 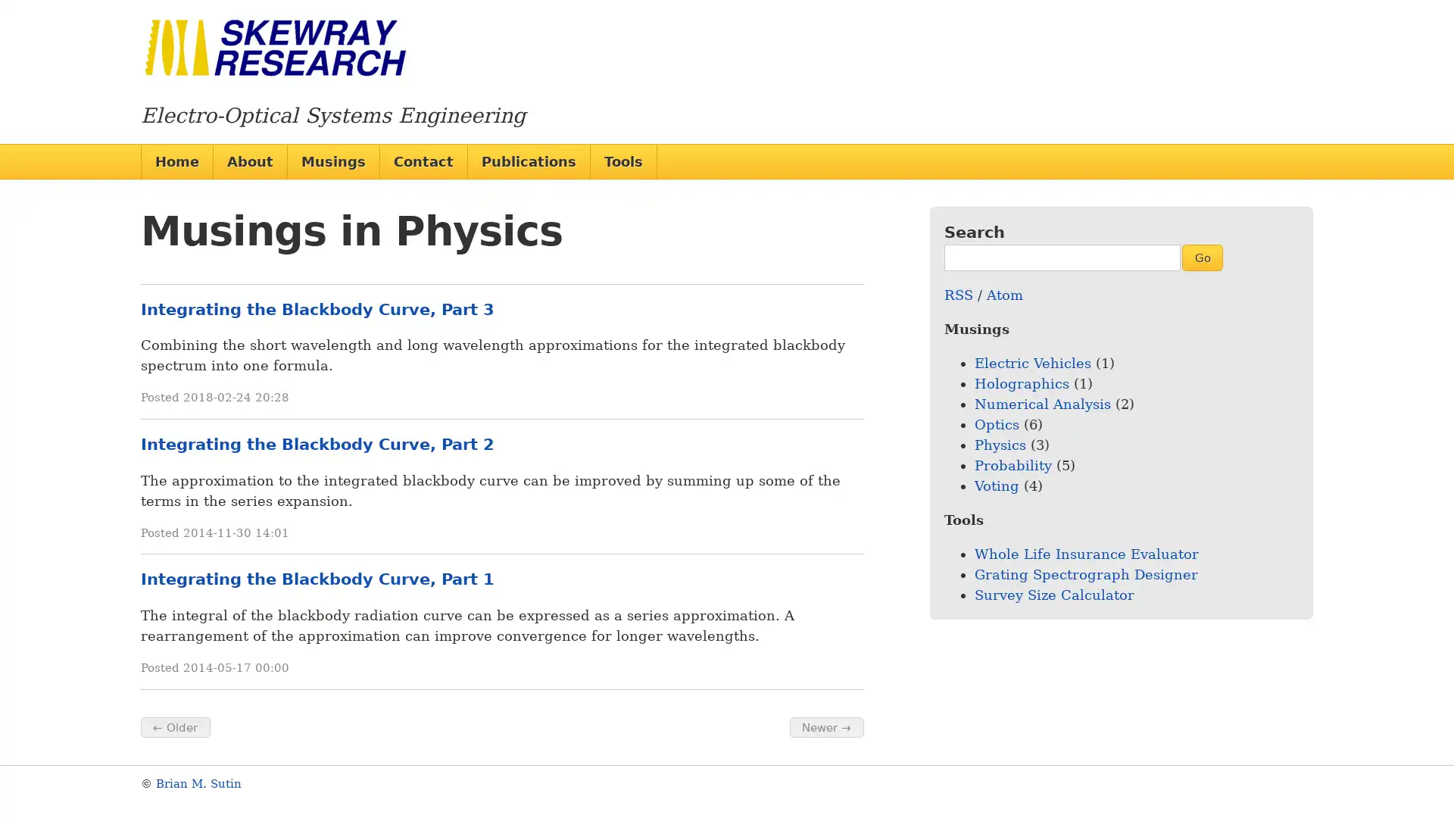 I want to click on Go, so click(x=1201, y=256).